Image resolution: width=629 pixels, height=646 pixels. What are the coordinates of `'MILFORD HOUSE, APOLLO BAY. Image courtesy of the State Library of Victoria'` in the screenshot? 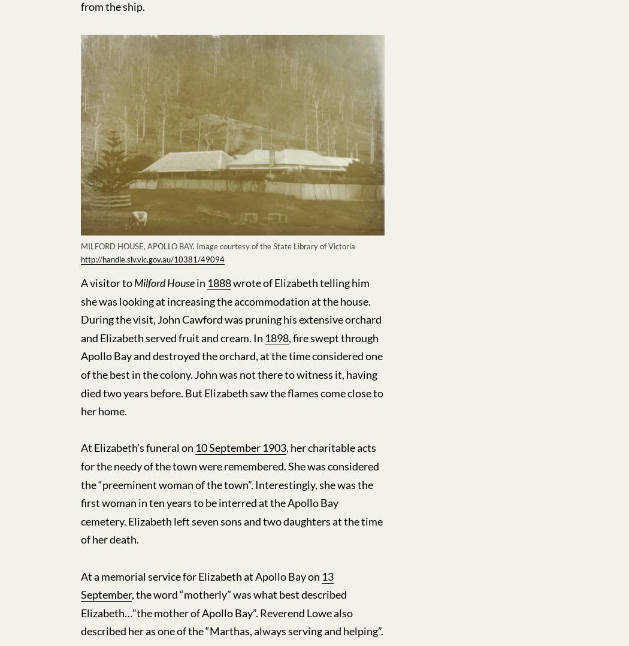 It's located at (217, 244).